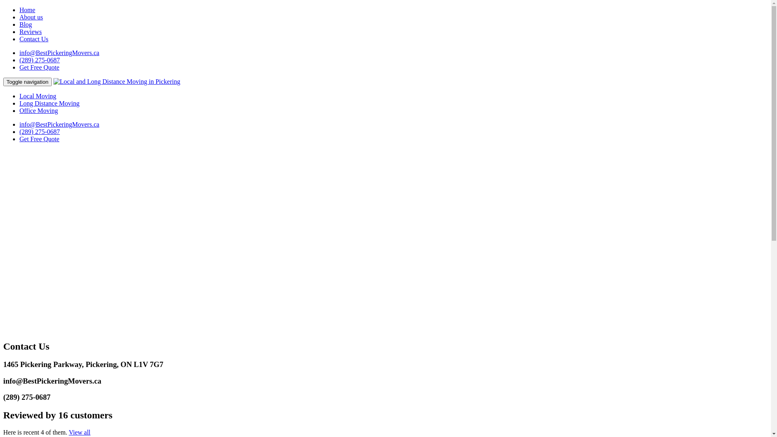 The height and width of the screenshot is (437, 777). What do you see at coordinates (33, 39) in the screenshot?
I see `'Contact Us'` at bounding box center [33, 39].